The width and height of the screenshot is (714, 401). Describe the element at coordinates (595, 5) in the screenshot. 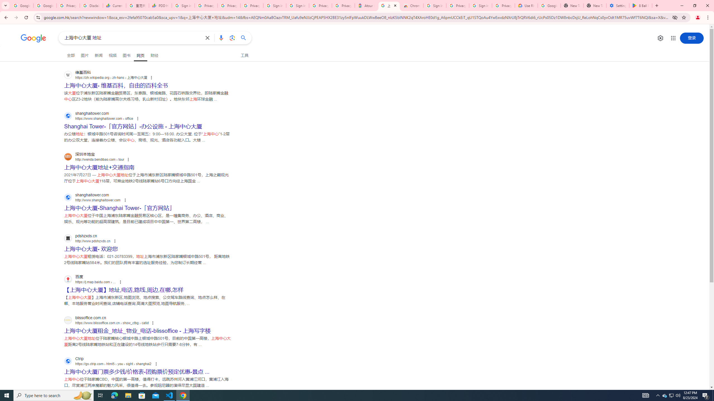

I see `'New Tab'` at that location.